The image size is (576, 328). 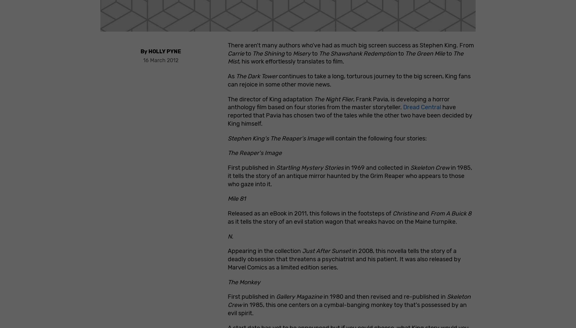 I want to click on 'From A Buick 8', so click(x=430, y=214).